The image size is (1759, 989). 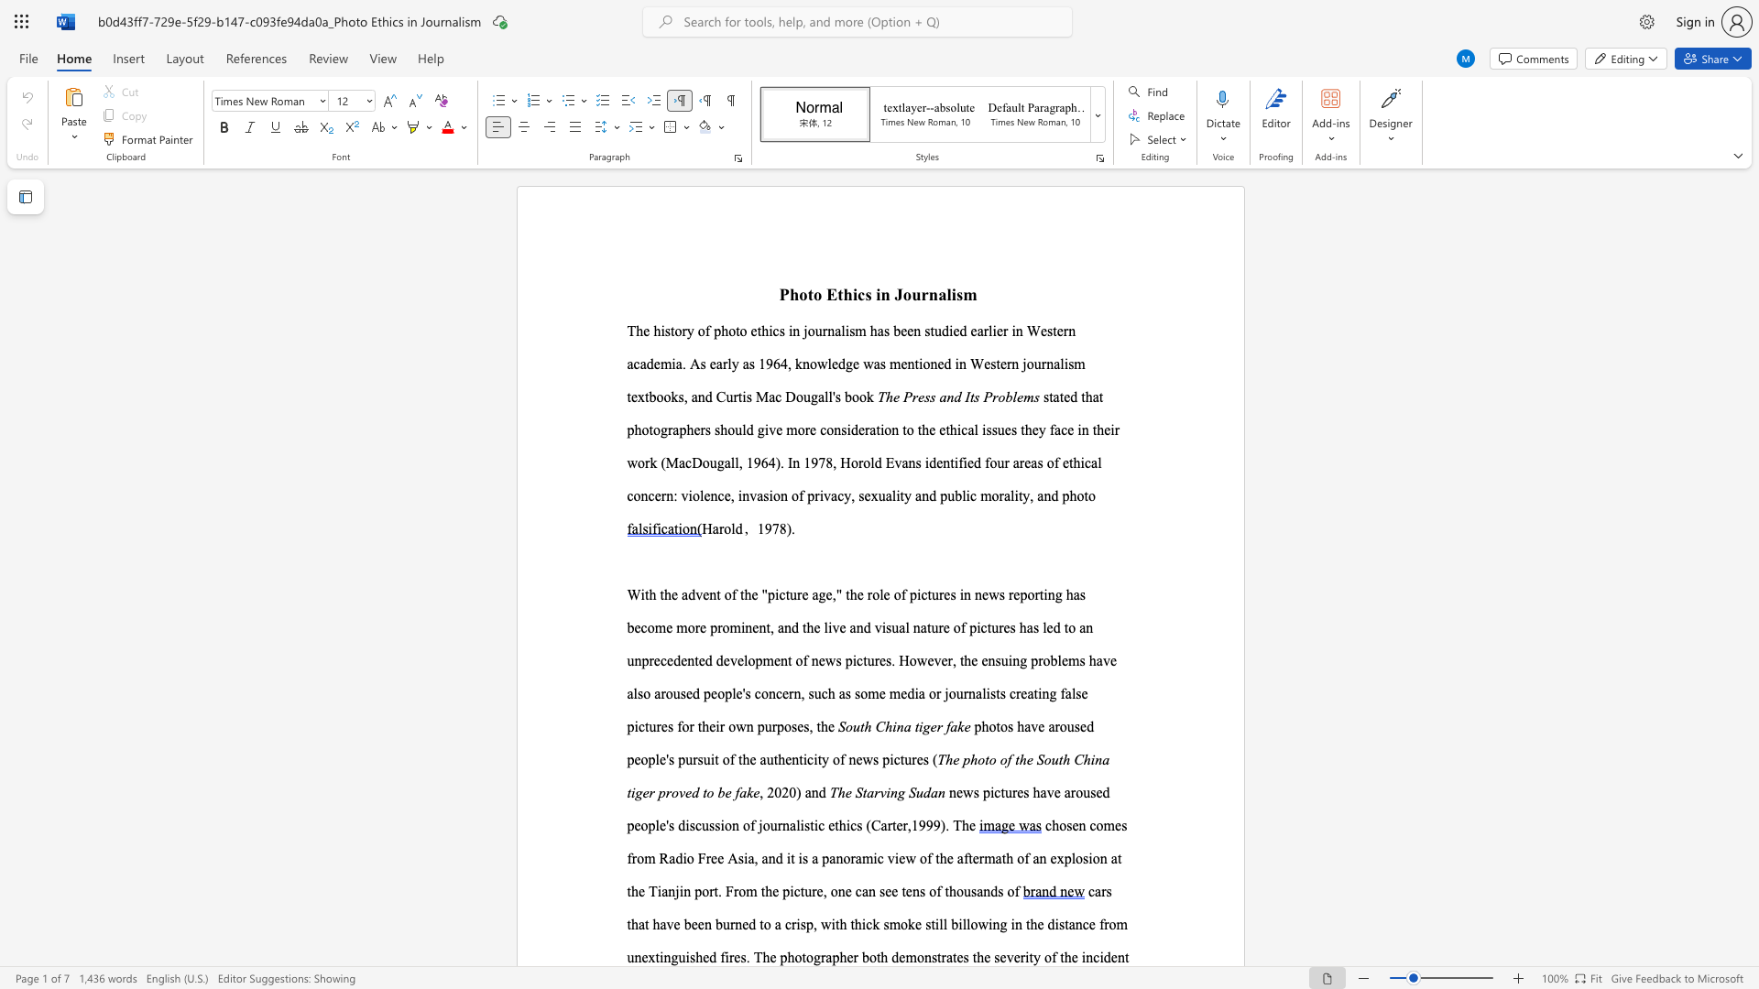 I want to click on the 1th character "a" in the text, so click(x=715, y=528).